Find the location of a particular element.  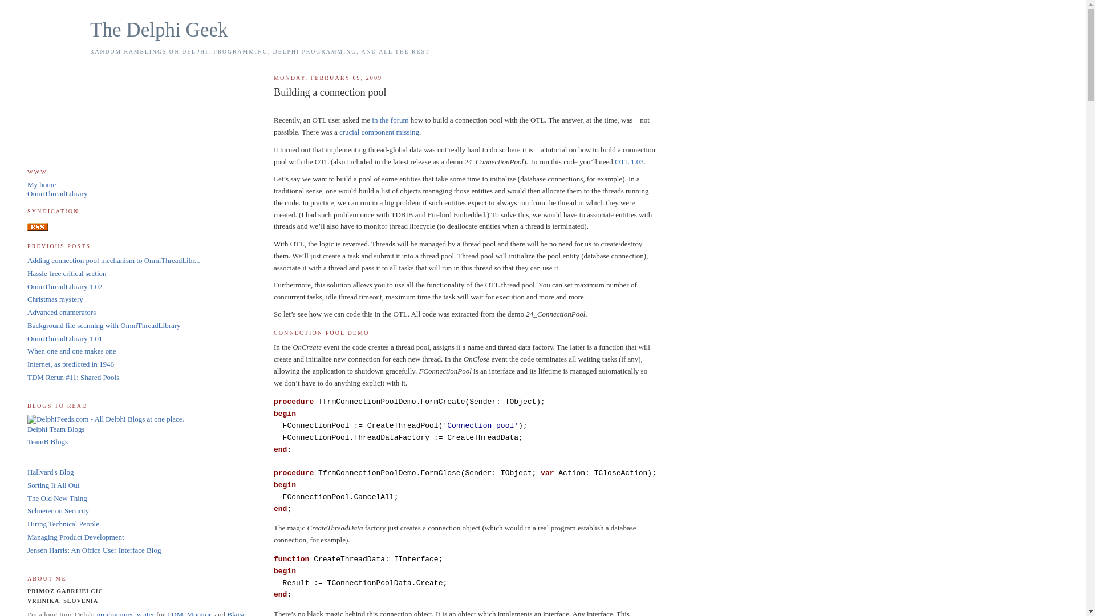

'My home' is located at coordinates (27, 184).